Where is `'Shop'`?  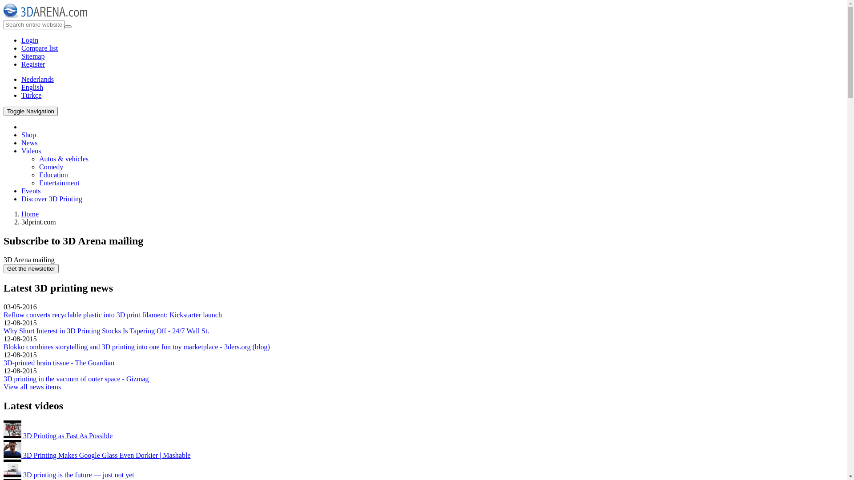
'Shop' is located at coordinates (28, 135).